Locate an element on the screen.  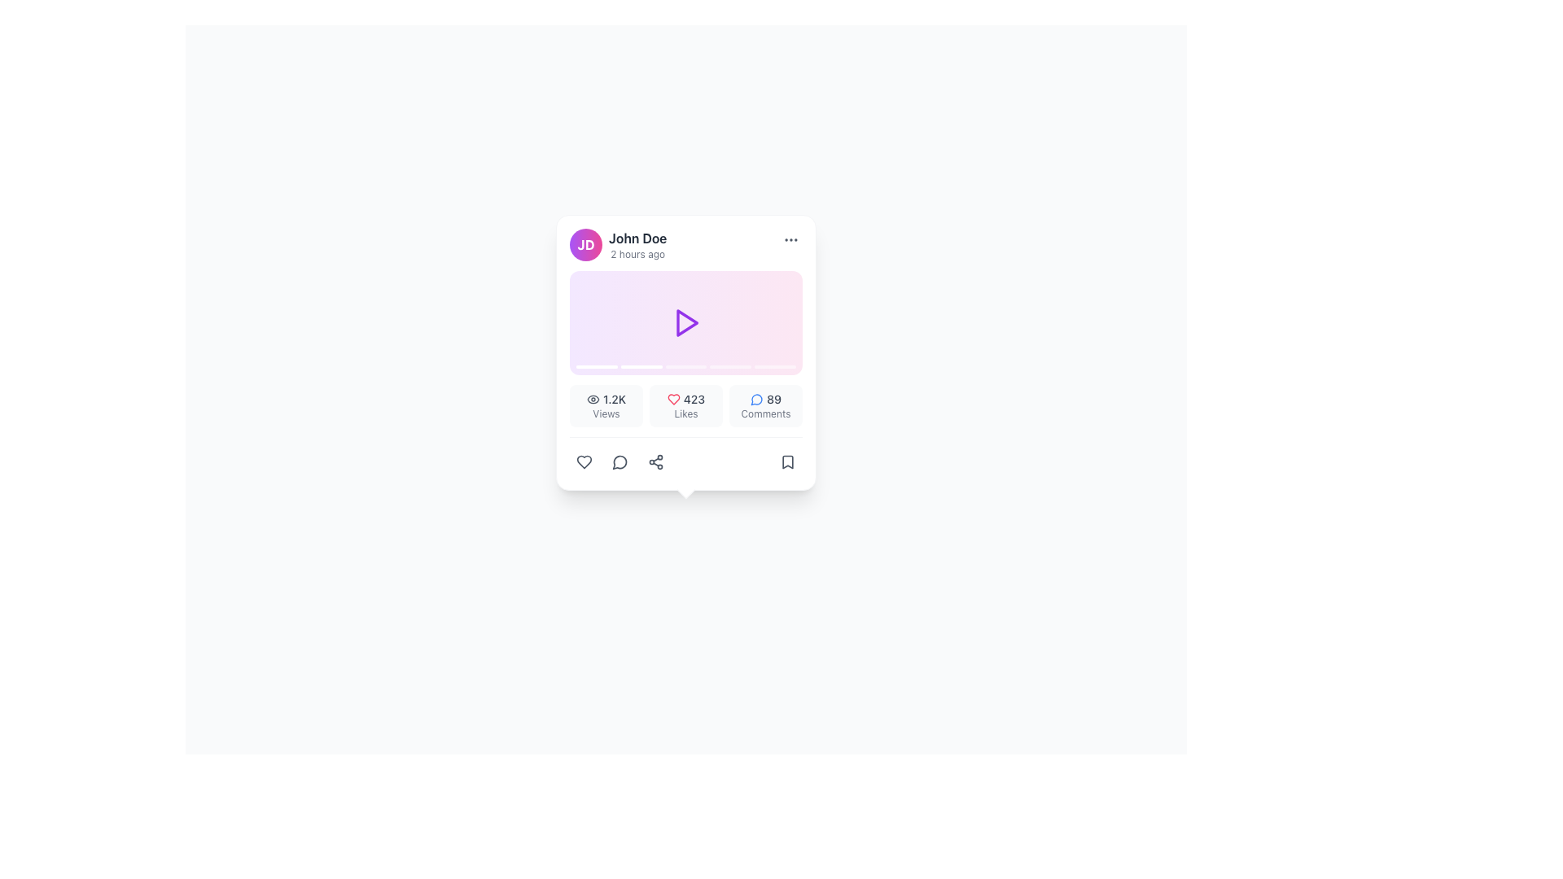
the button with a bookmark icon located at the bottom-right corner of the toolbar beneath the social media post to activate the hover effect is located at coordinates (788, 461).